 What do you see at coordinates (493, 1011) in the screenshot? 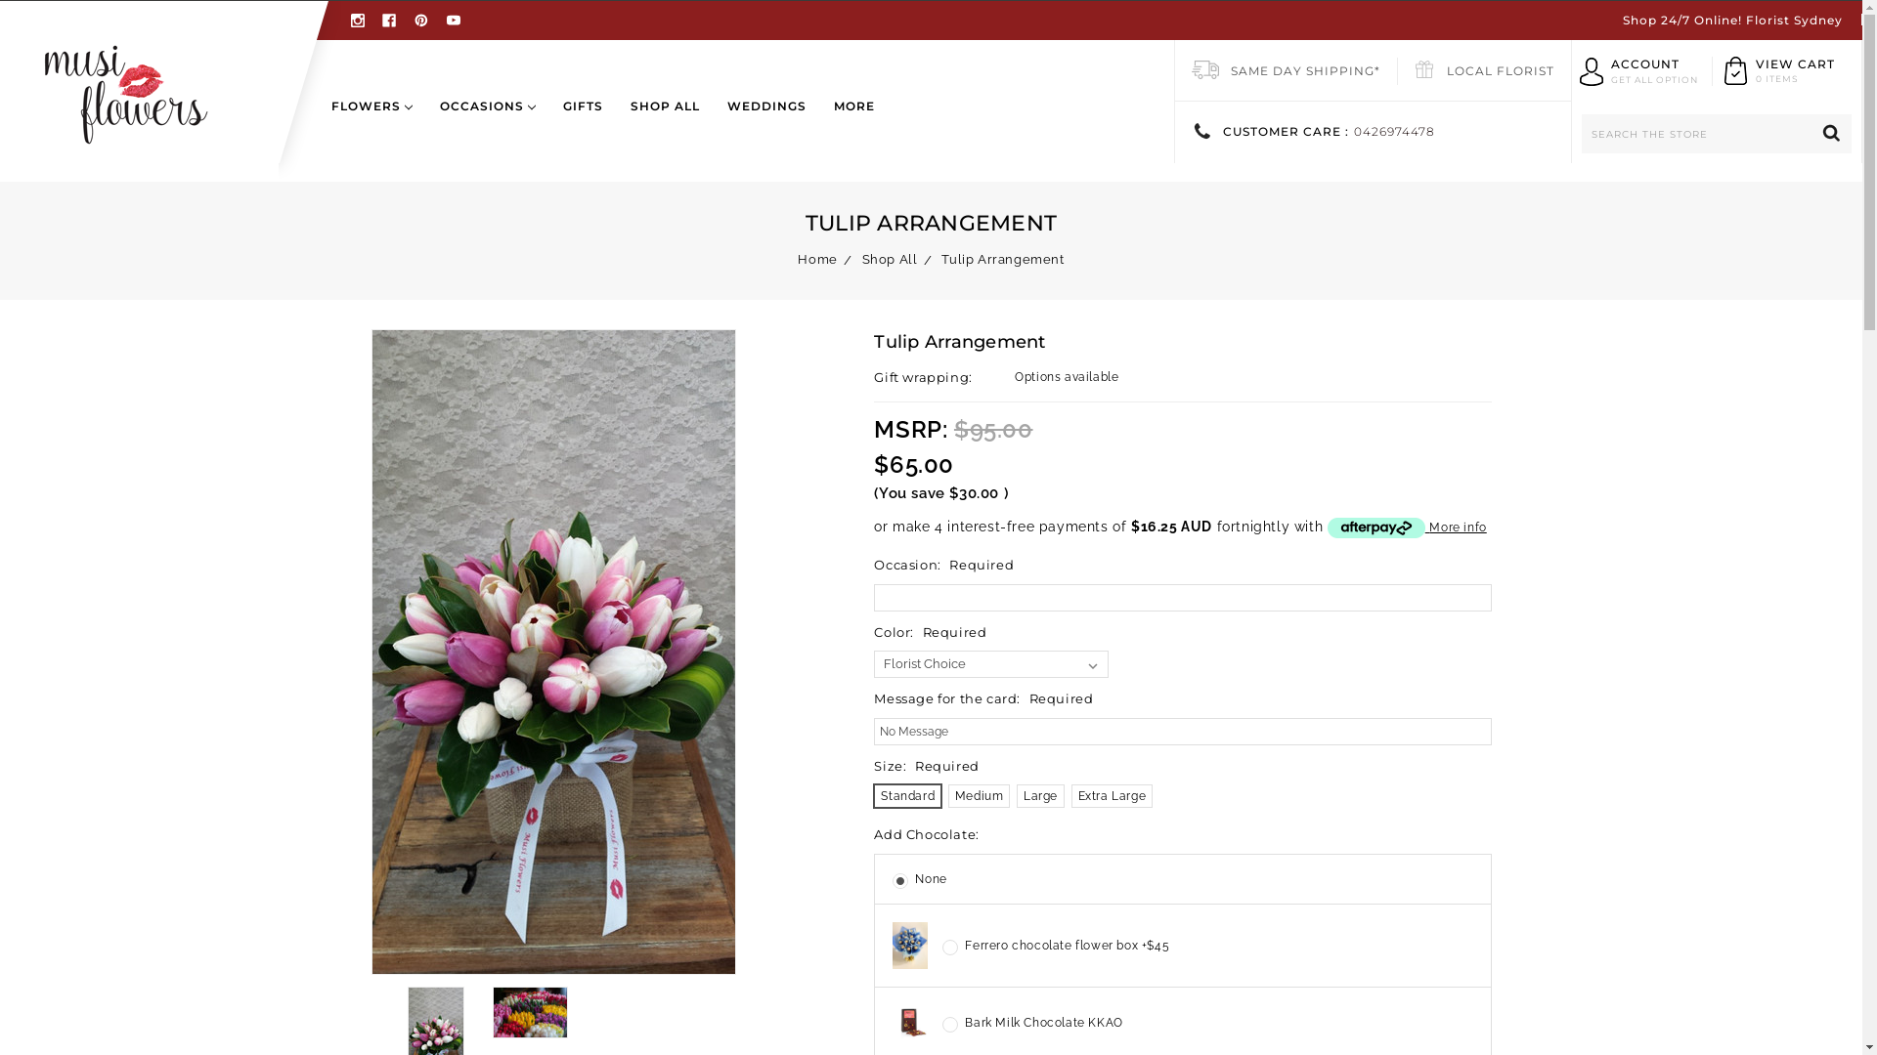
I see `'Various colors available'` at bounding box center [493, 1011].